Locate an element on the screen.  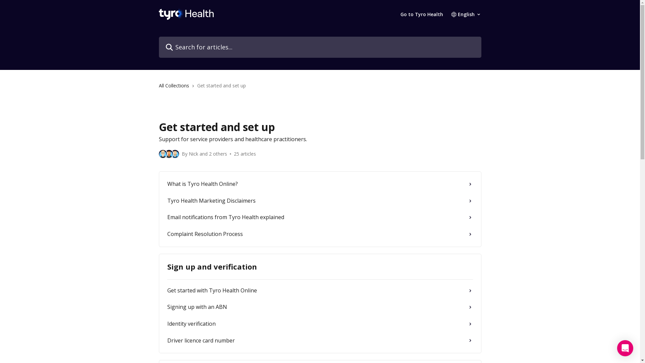
'Go to Tyro Health' is located at coordinates (421, 14).